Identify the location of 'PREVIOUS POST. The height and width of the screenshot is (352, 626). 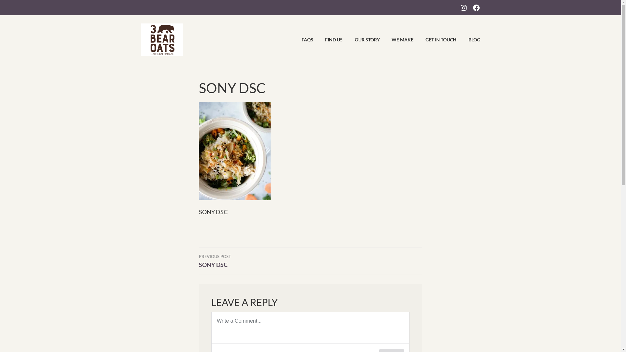
(254, 260).